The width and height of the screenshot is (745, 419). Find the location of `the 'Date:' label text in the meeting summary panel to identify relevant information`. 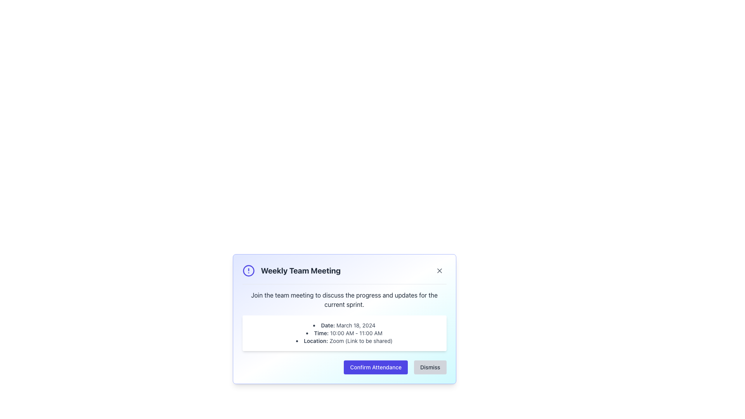

the 'Date:' label text in the meeting summary panel to identify relevant information is located at coordinates (328, 325).